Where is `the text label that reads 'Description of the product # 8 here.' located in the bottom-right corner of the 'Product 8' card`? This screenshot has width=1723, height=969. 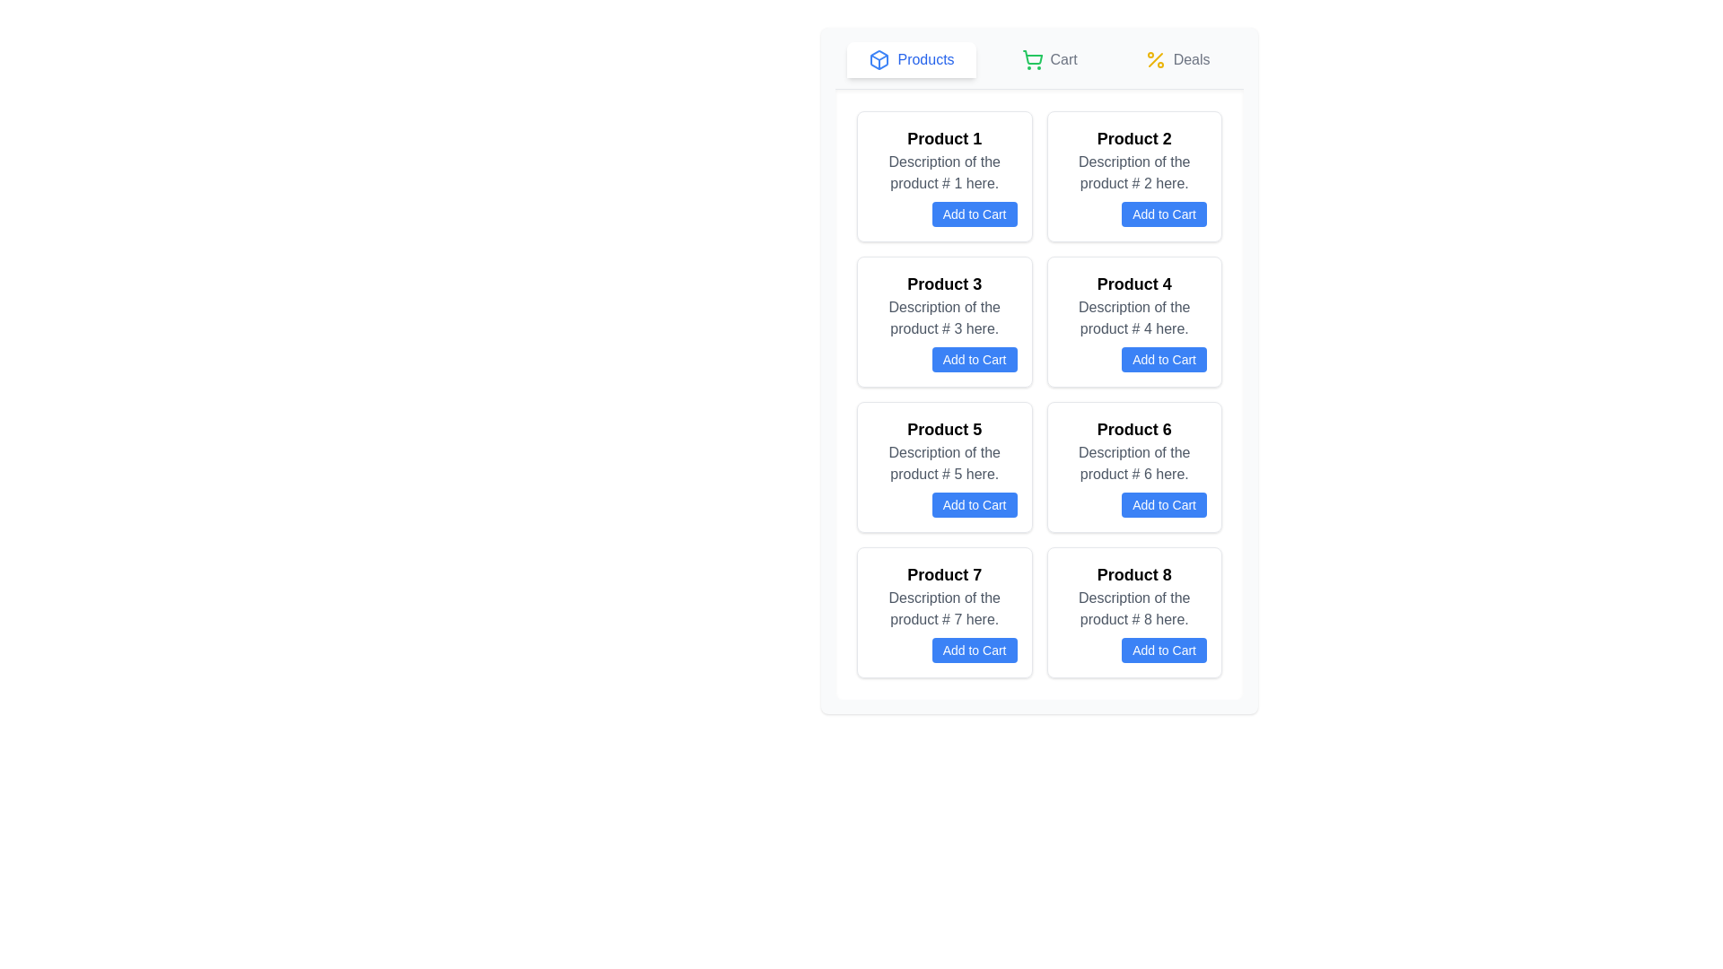
the text label that reads 'Description of the product # 8 here.' located in the bottom-right corner of the 'Product 8' card is located at coordinates (1133, 607).